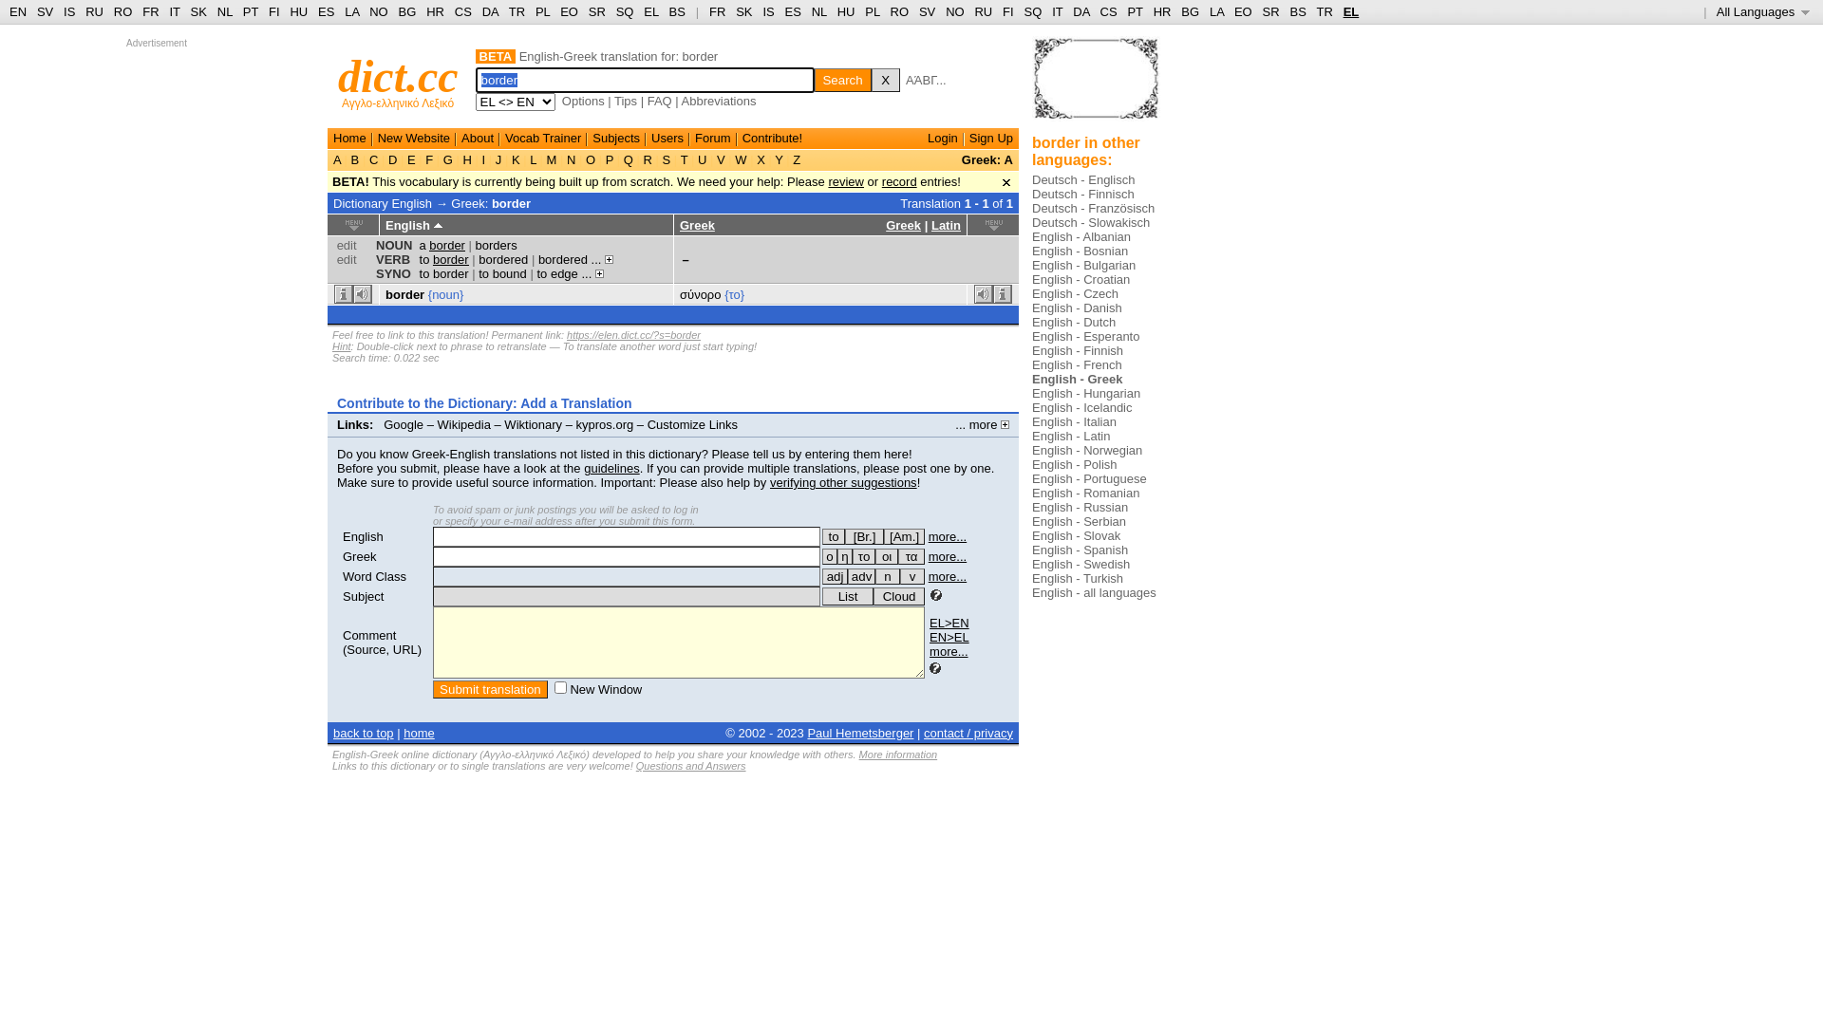  I want to click on 'Search', so click(842, 79).